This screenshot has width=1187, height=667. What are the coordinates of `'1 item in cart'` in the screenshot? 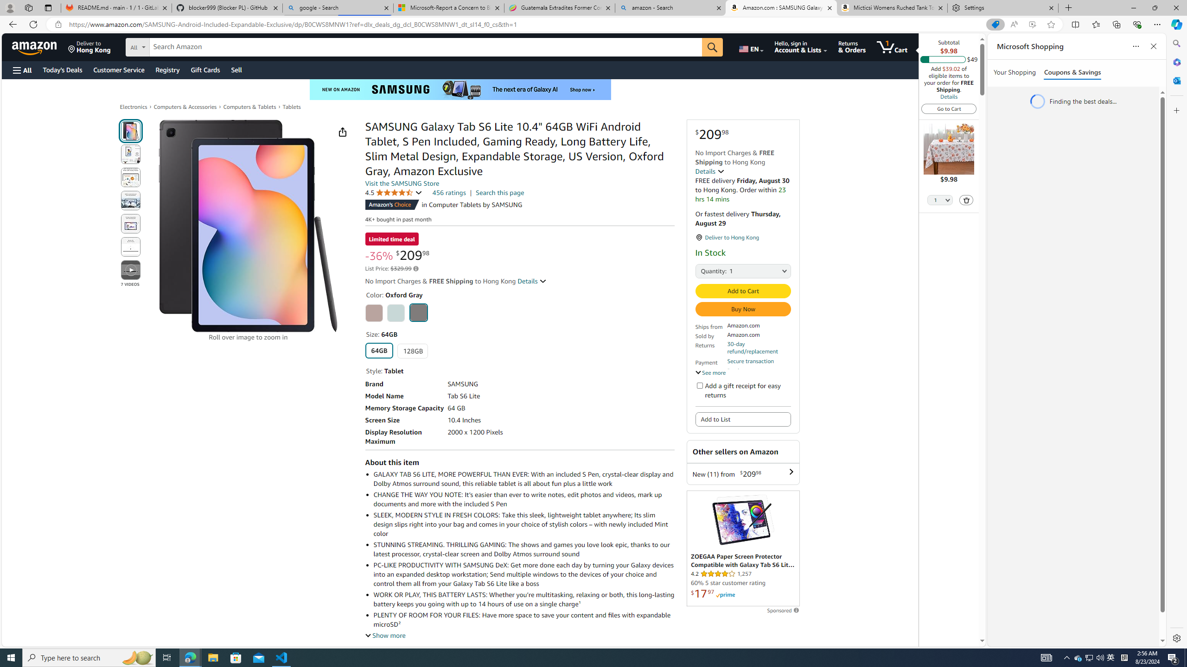 It's located at (892, 46).